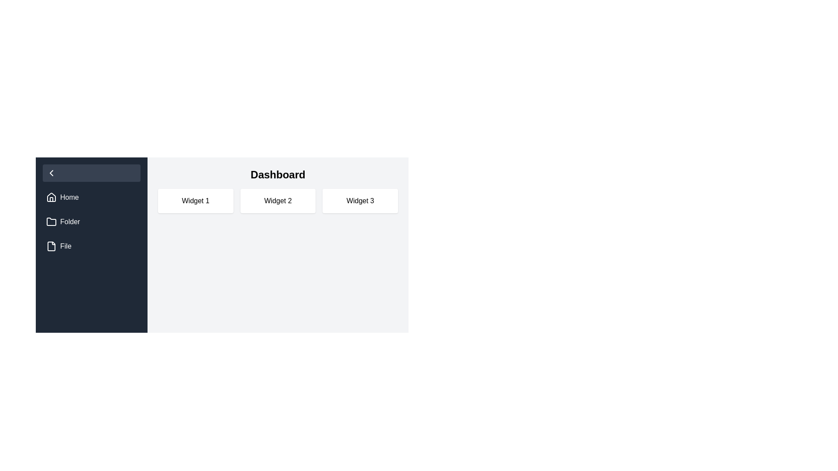  What do you see at coordinates (69, 197) in the screenshot?
I see `the 'Home' text label in the navigational menu, which is aligned next to the house-shaped icon and located at the top of the vertical list of menu items on the left sidebar` at bounding box center [69, 197].